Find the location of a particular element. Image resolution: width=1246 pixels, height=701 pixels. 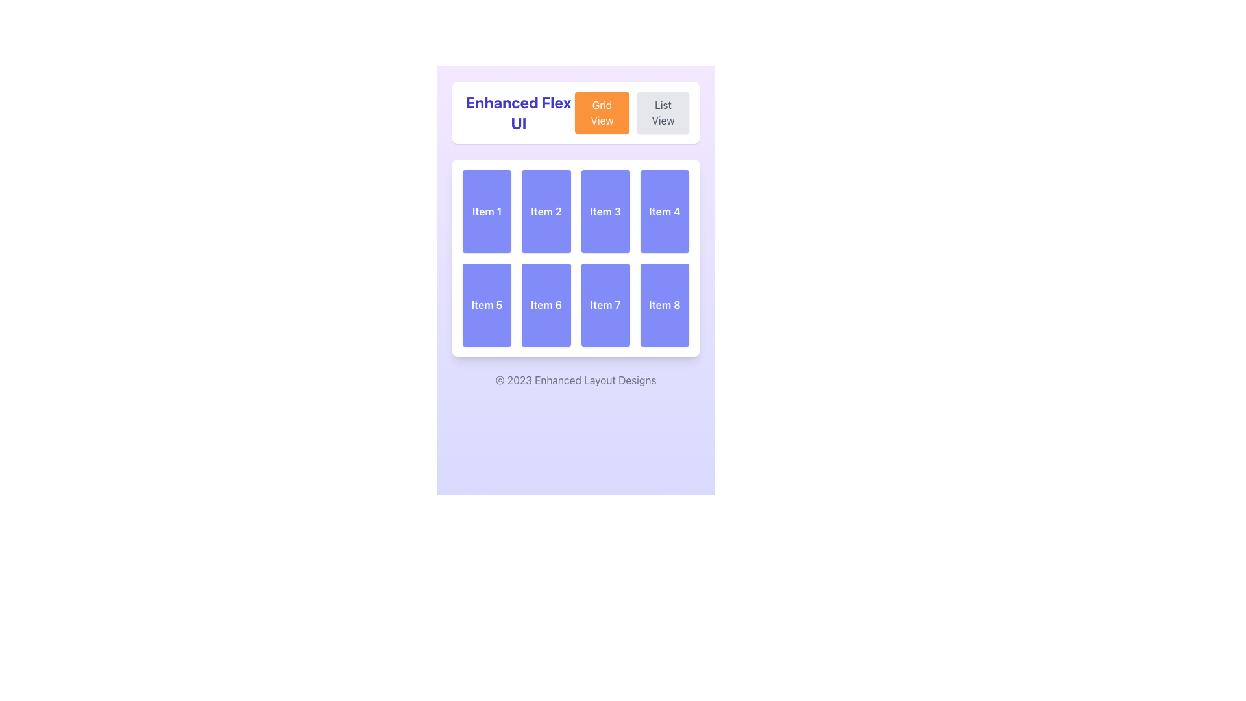

the Grid Item labeled 'Item 3', which is a rectangular box with a blue background and white text, positioned in the first row and third column of a grid layout is located at coordinates (605, 211).